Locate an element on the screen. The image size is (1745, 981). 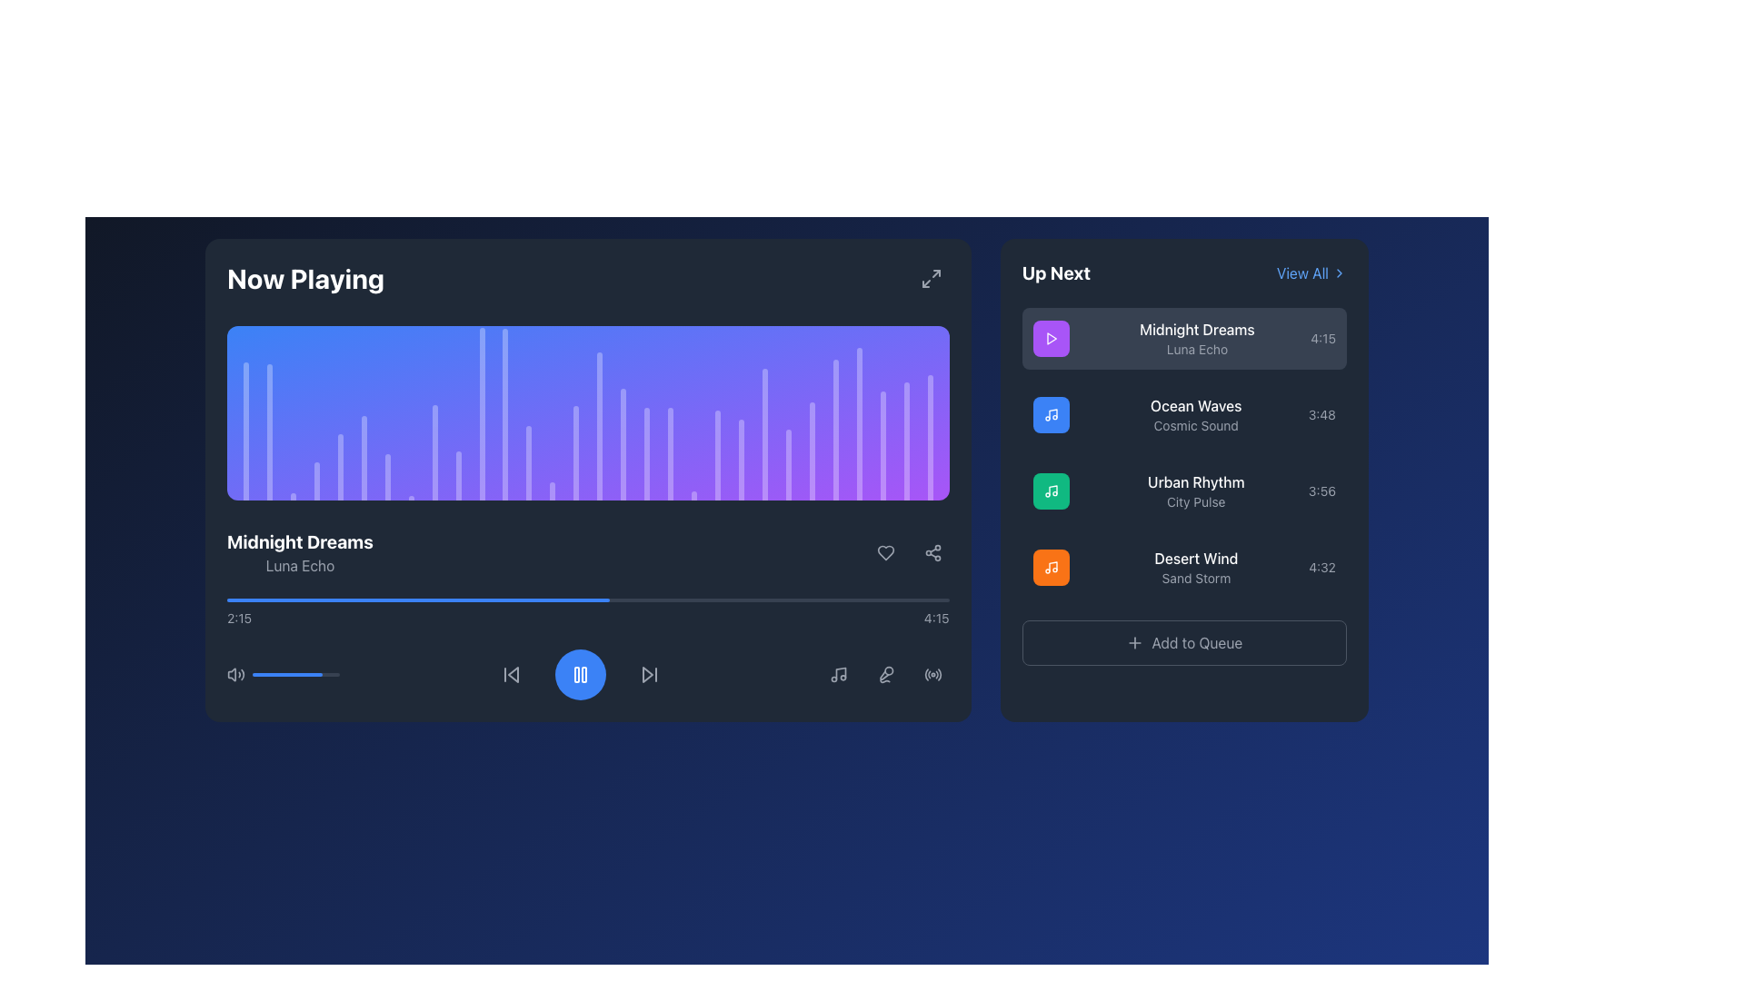
the textual indicator displaying the length or duration of the song 'Ocean Waves' in the 'Up Next' section on the right side of the interface is located at coordinates (1321, 414).